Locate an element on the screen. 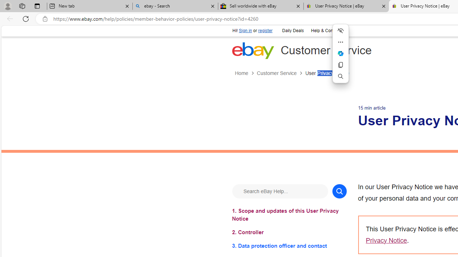 The width and height of the screenshot is (458, 257). '1. Scope and updates of this User Privacy Notice' is located at coordinates (289, 214).